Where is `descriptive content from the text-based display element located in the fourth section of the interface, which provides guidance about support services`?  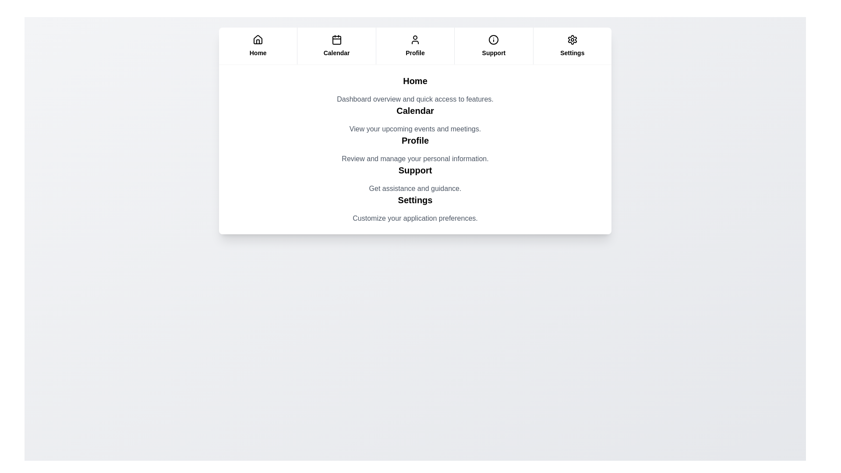
descriptive content from the text-based display element located in the fourth section of the interface, which provides guidance about support services is located at coordinates (415, 178).